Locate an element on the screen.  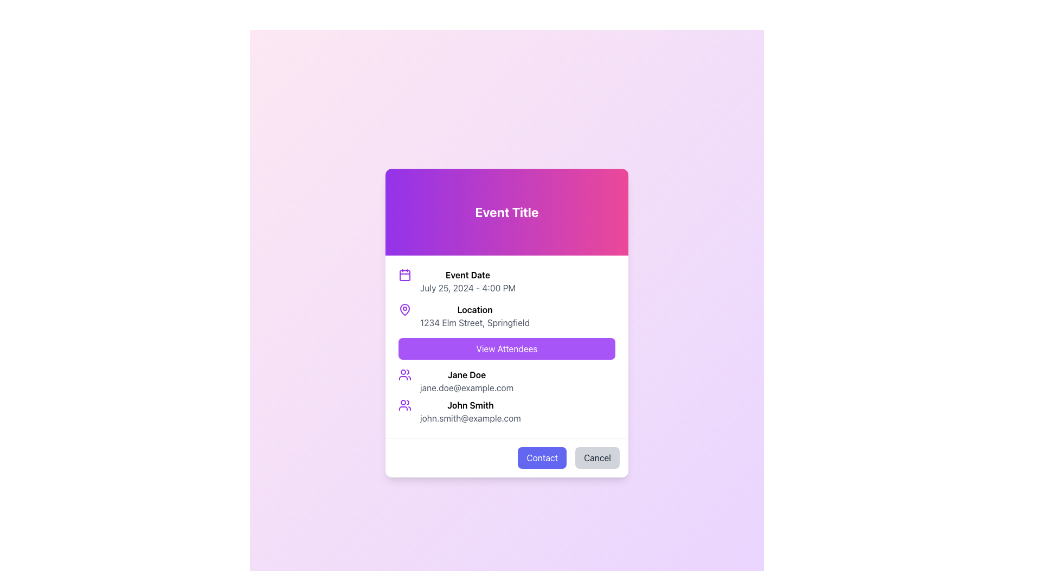
the email address 'john.smith@example.com' in the attendee details section to copy or open an email client is located at coordinates (471, 411).